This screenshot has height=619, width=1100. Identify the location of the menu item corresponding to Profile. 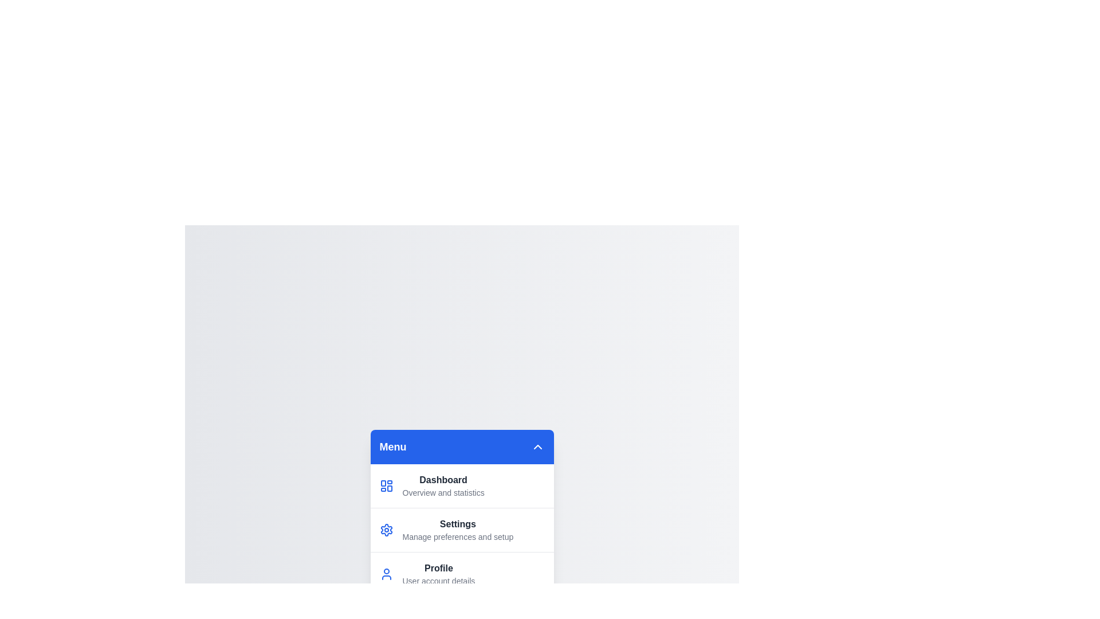
(462, 574).